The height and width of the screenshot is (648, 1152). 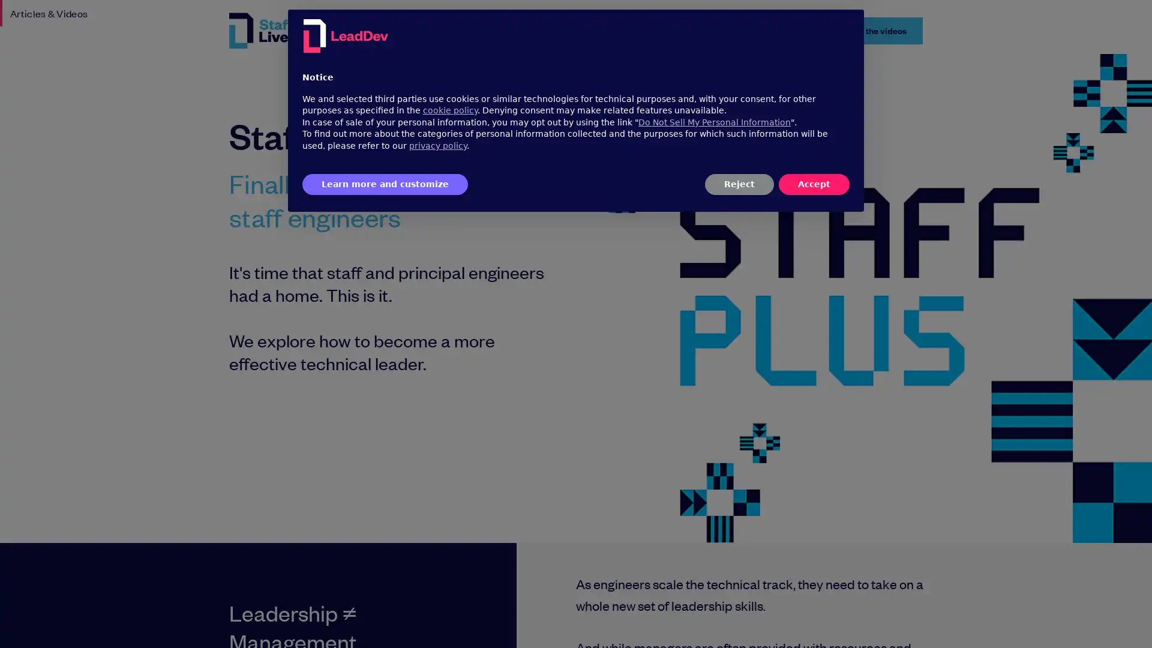 I want to click on Reject, so click(x=739, y=184).